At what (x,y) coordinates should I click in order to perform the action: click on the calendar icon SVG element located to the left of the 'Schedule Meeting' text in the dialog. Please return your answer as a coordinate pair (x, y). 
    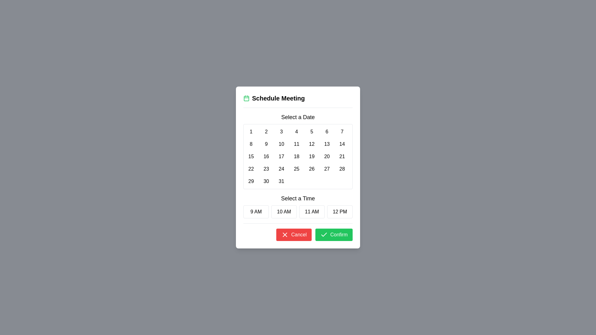
    Looking at the image, I should click on (246, 98).